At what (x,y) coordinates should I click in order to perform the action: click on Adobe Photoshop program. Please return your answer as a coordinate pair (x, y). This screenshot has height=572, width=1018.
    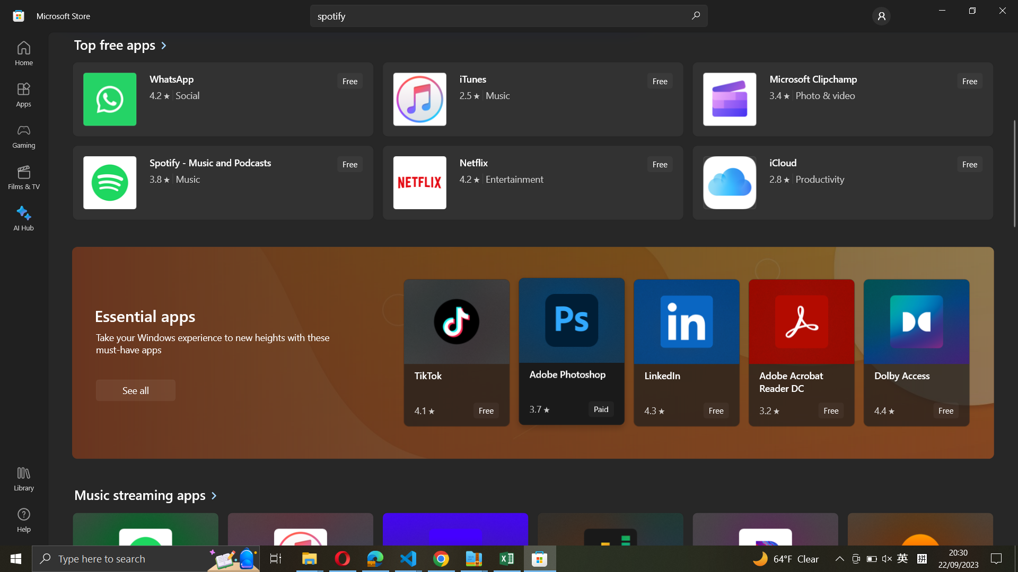
    Looking at the image, I should click on (1097404, 380380).